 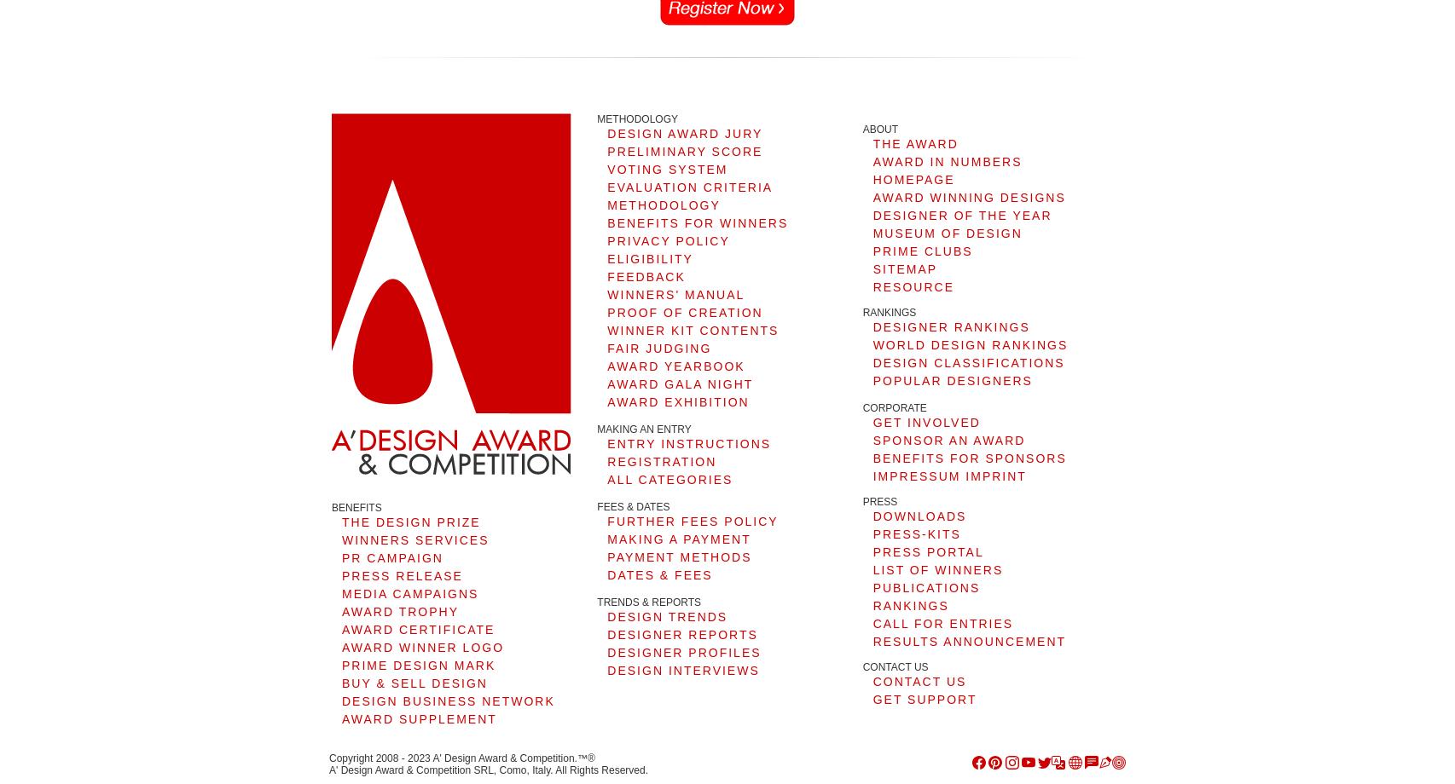 What do you see at coordinates (417, 664) in the screenshot?
I see `'PRIME DESIGN MARK'` at bounding box center [417, 664].